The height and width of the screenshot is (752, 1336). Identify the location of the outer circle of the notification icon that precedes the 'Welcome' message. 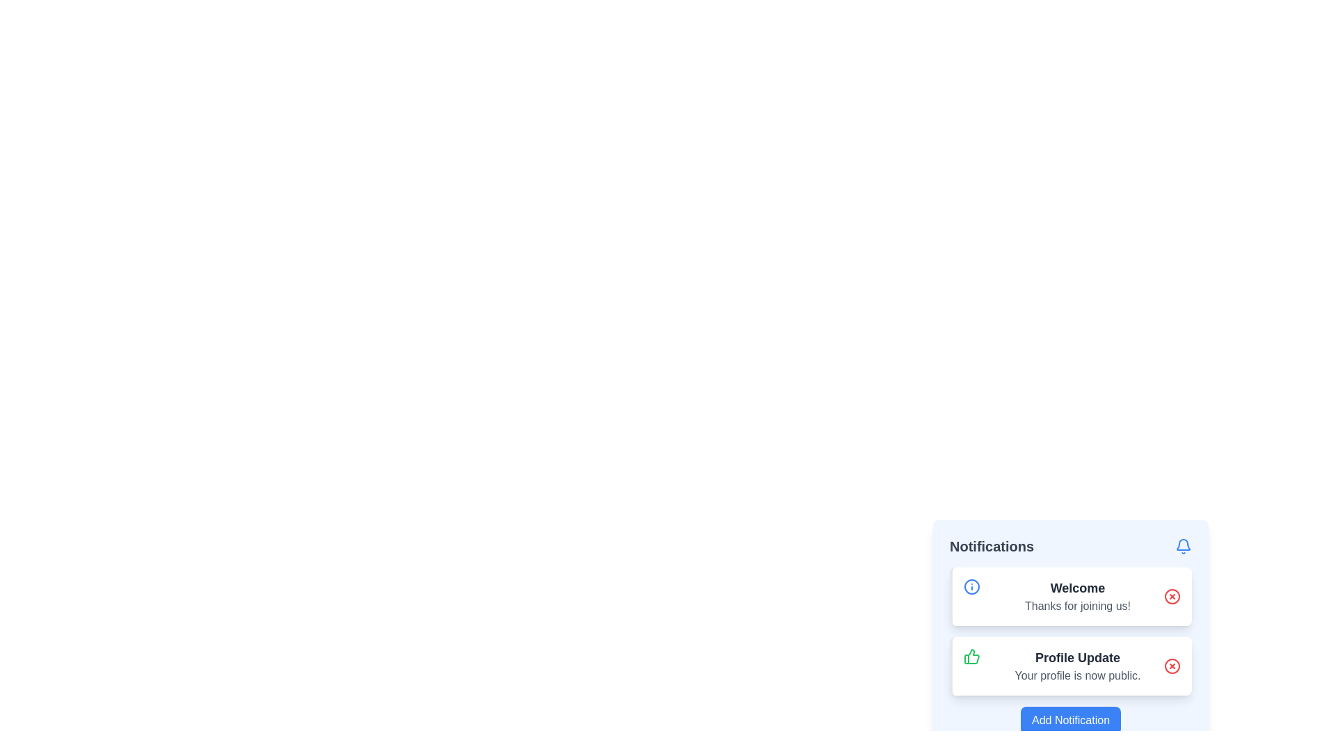
(971, 587).